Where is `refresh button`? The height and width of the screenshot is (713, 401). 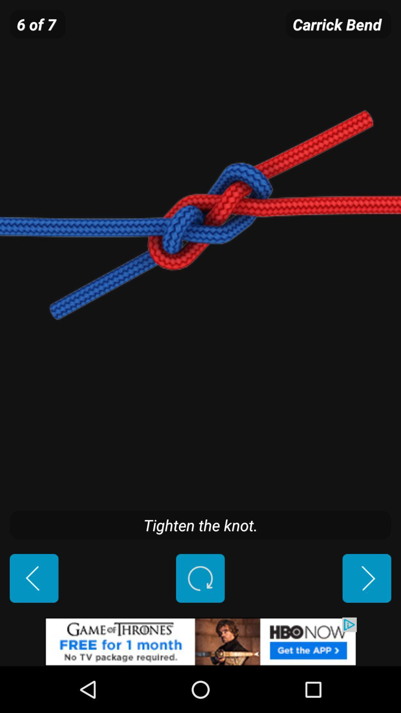
refresh button is located at coordinates (200, 578).